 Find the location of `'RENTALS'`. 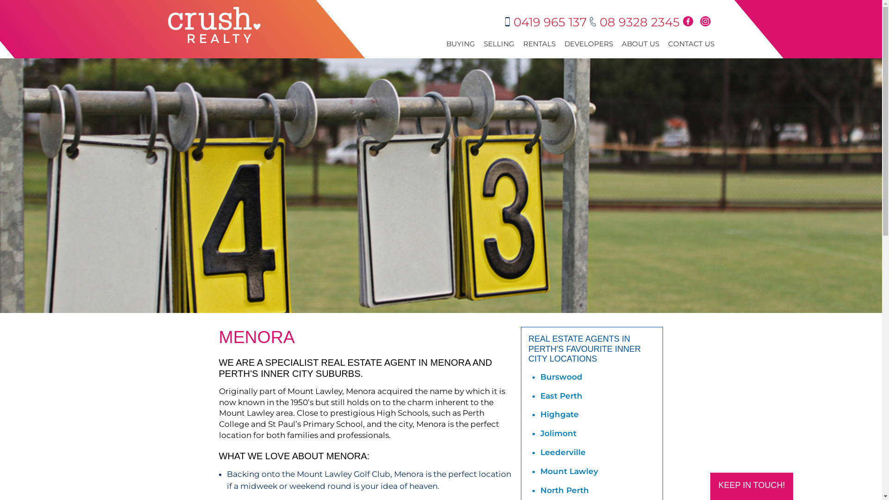

'RENTALS' is located at coordinates (539, 44).